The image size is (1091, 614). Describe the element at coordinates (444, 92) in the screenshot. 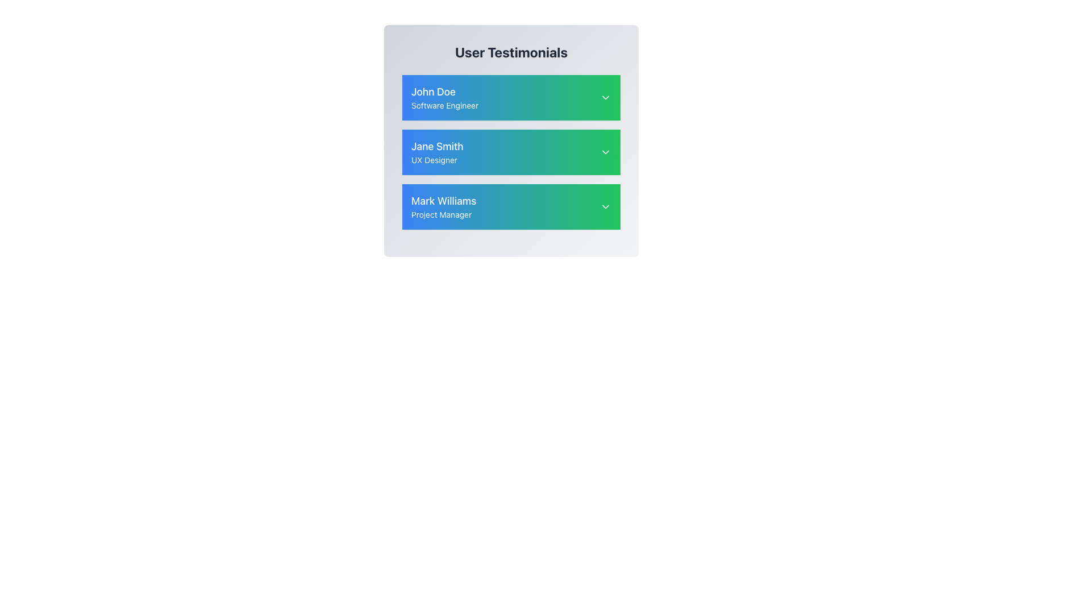

I see `the Text Label that represents the name of a user in the testimonial section, located at the upper-left of the card above 'Software Engineer'` at that location.